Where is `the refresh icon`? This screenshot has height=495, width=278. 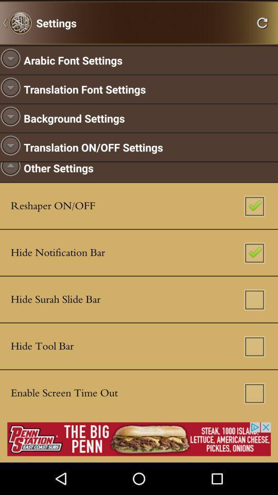 the refresh icon is located at coordinates (262, 24).